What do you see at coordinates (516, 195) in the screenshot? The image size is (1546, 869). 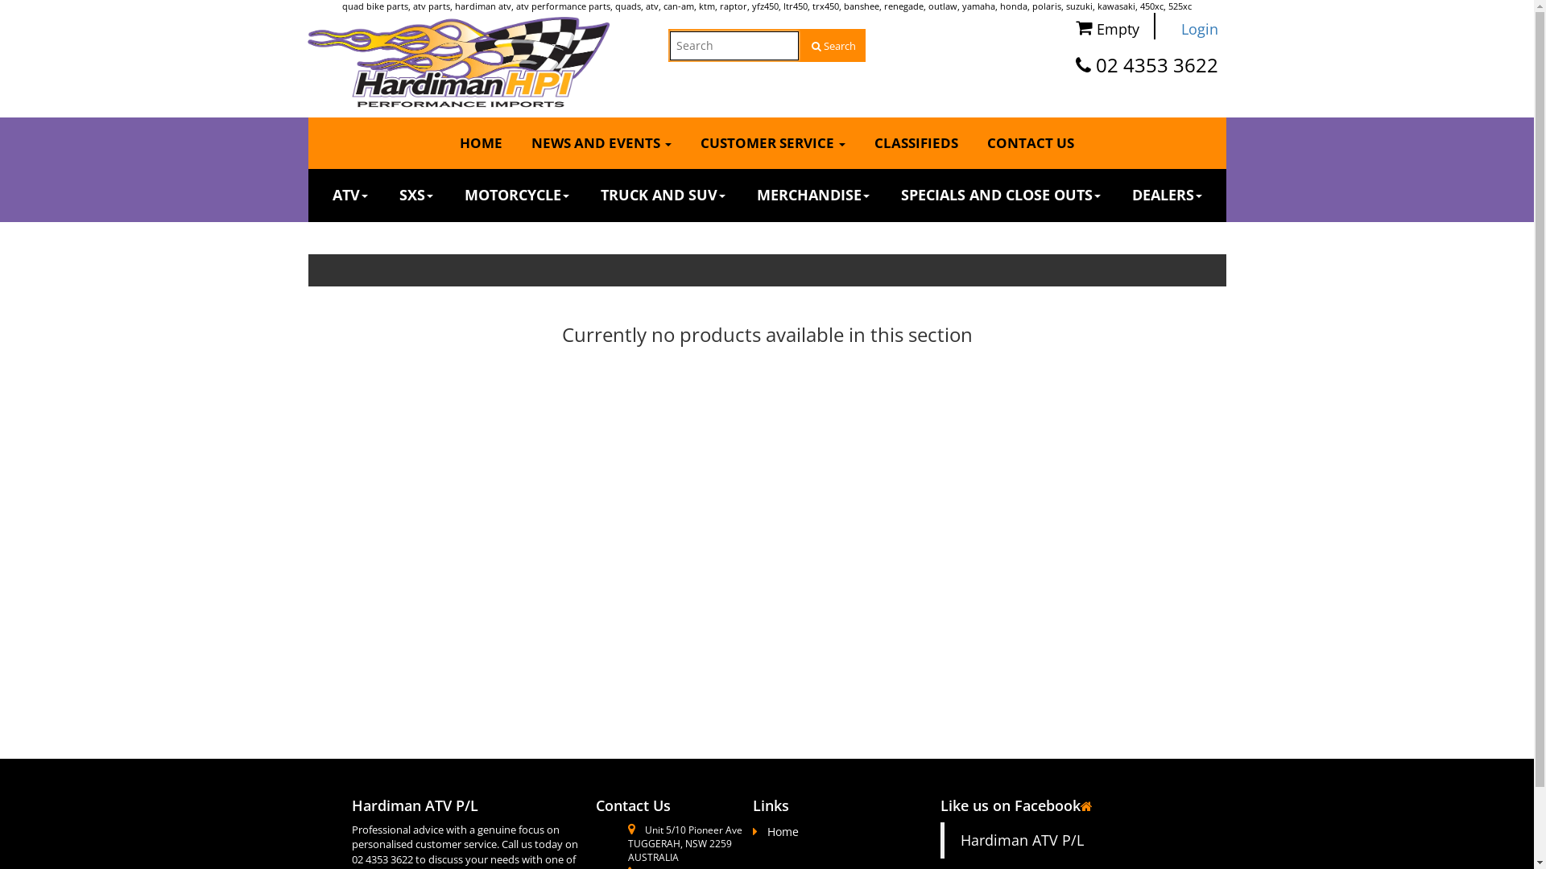 I see `'MOTORCYCLE'` at bounding box center [516, 195].